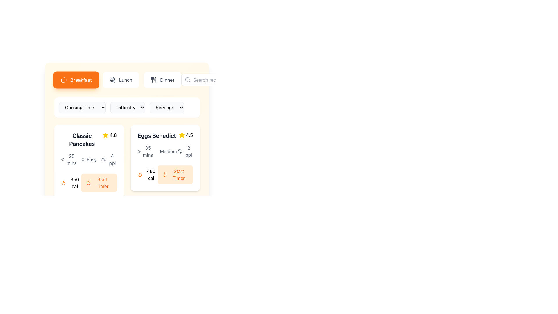 The width and height of the screenshot is (558, 314). What do you see at coordinates (139, 151) in the screenshot?
I see `the decorative or informational icon that indicates time-related information, located to the left of the '35 mins' label within the 'Eggs Benedict' card` at bounding box center [139, 151].